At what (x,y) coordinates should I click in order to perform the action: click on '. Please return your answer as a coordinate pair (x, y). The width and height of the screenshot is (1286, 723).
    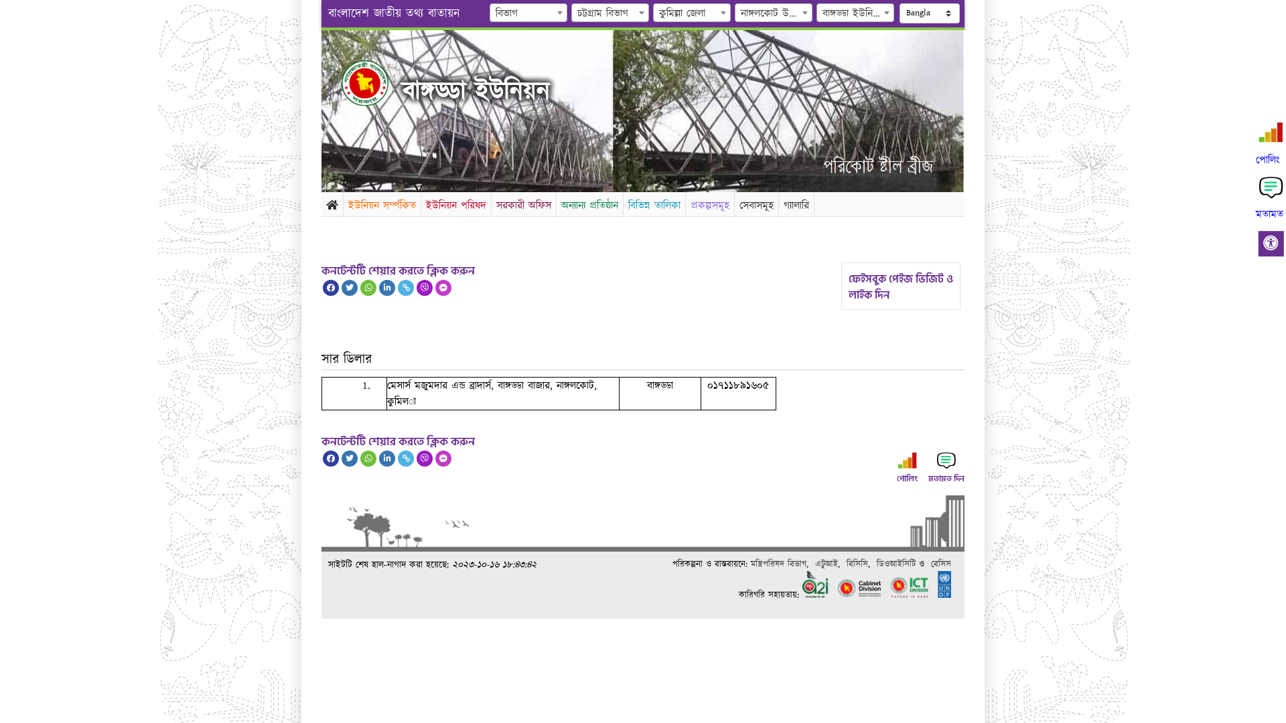
    Looking at the image, I should click on (341, 82).